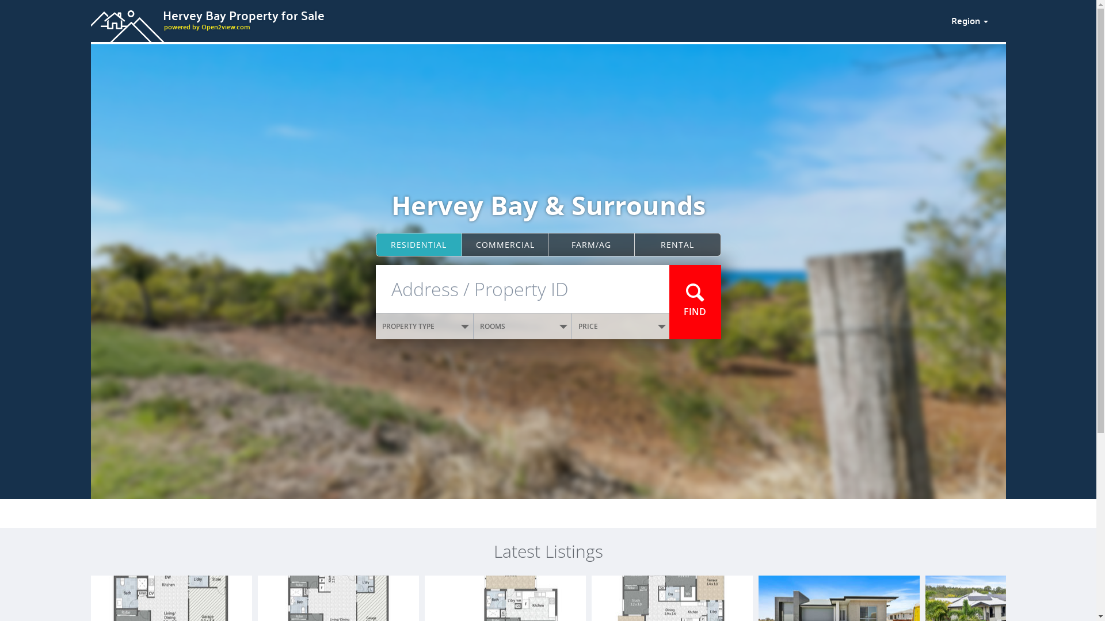  Describe the element at coordinates (522, 326) in the screenshot. I see `'ROOMS'` at that location.